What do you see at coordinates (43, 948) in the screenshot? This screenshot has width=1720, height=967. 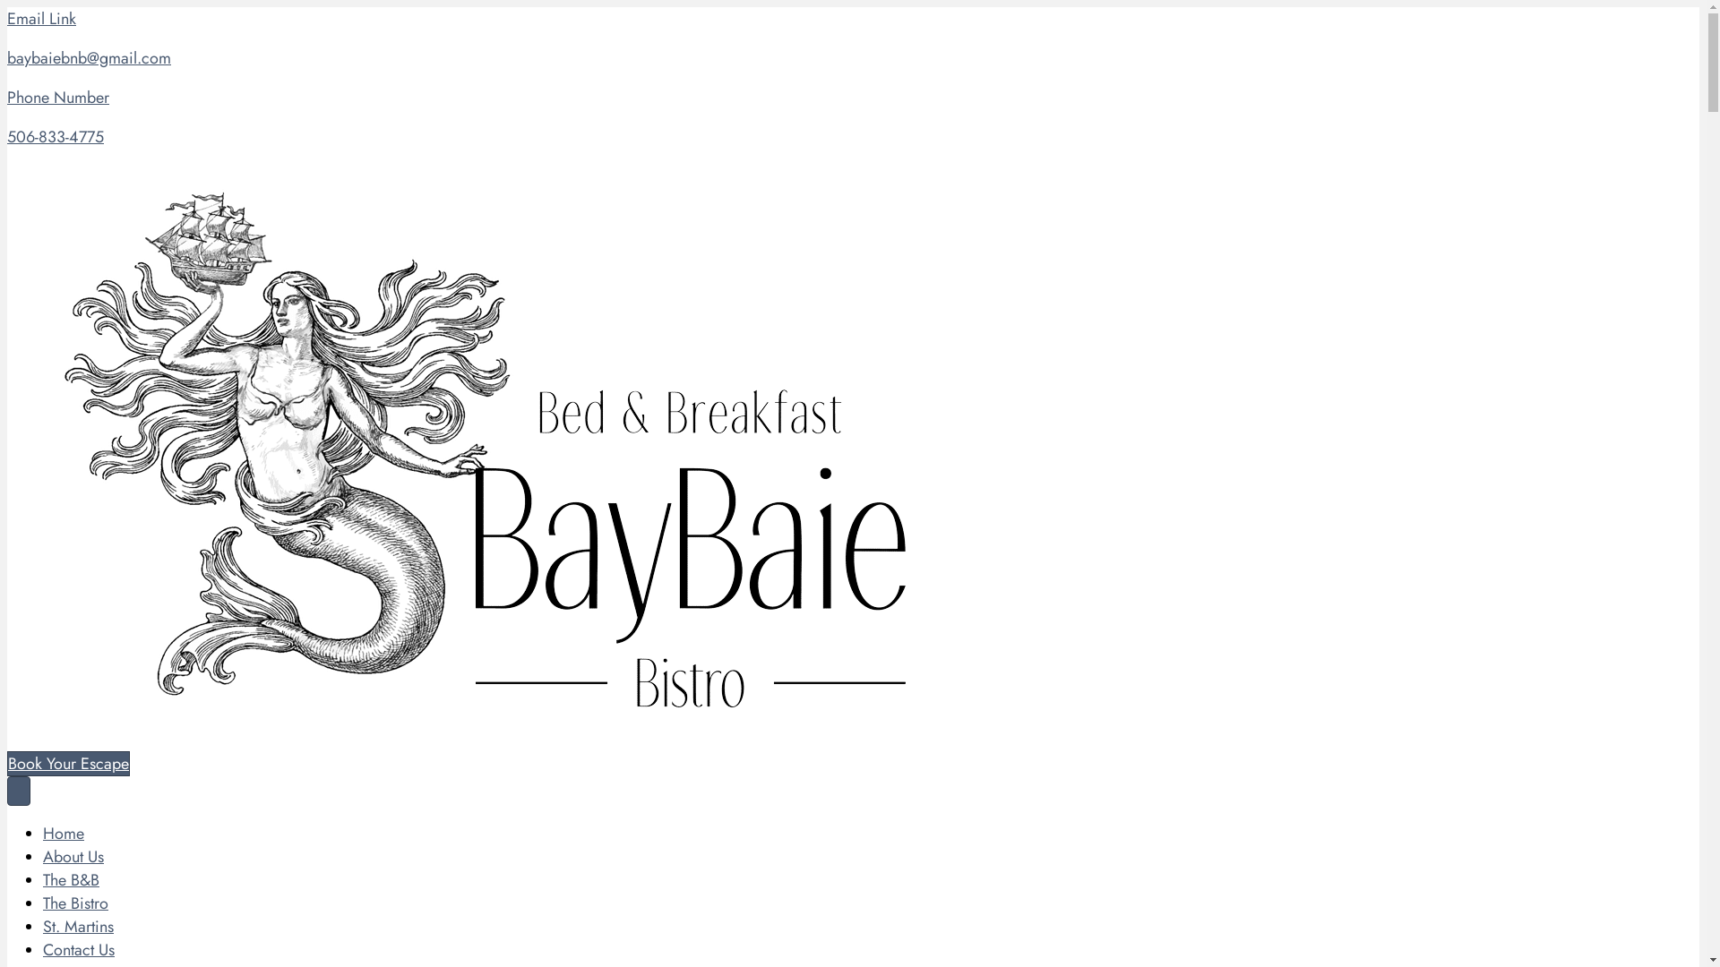 I see `'Contact Us'` at bounding box center [43, 948].